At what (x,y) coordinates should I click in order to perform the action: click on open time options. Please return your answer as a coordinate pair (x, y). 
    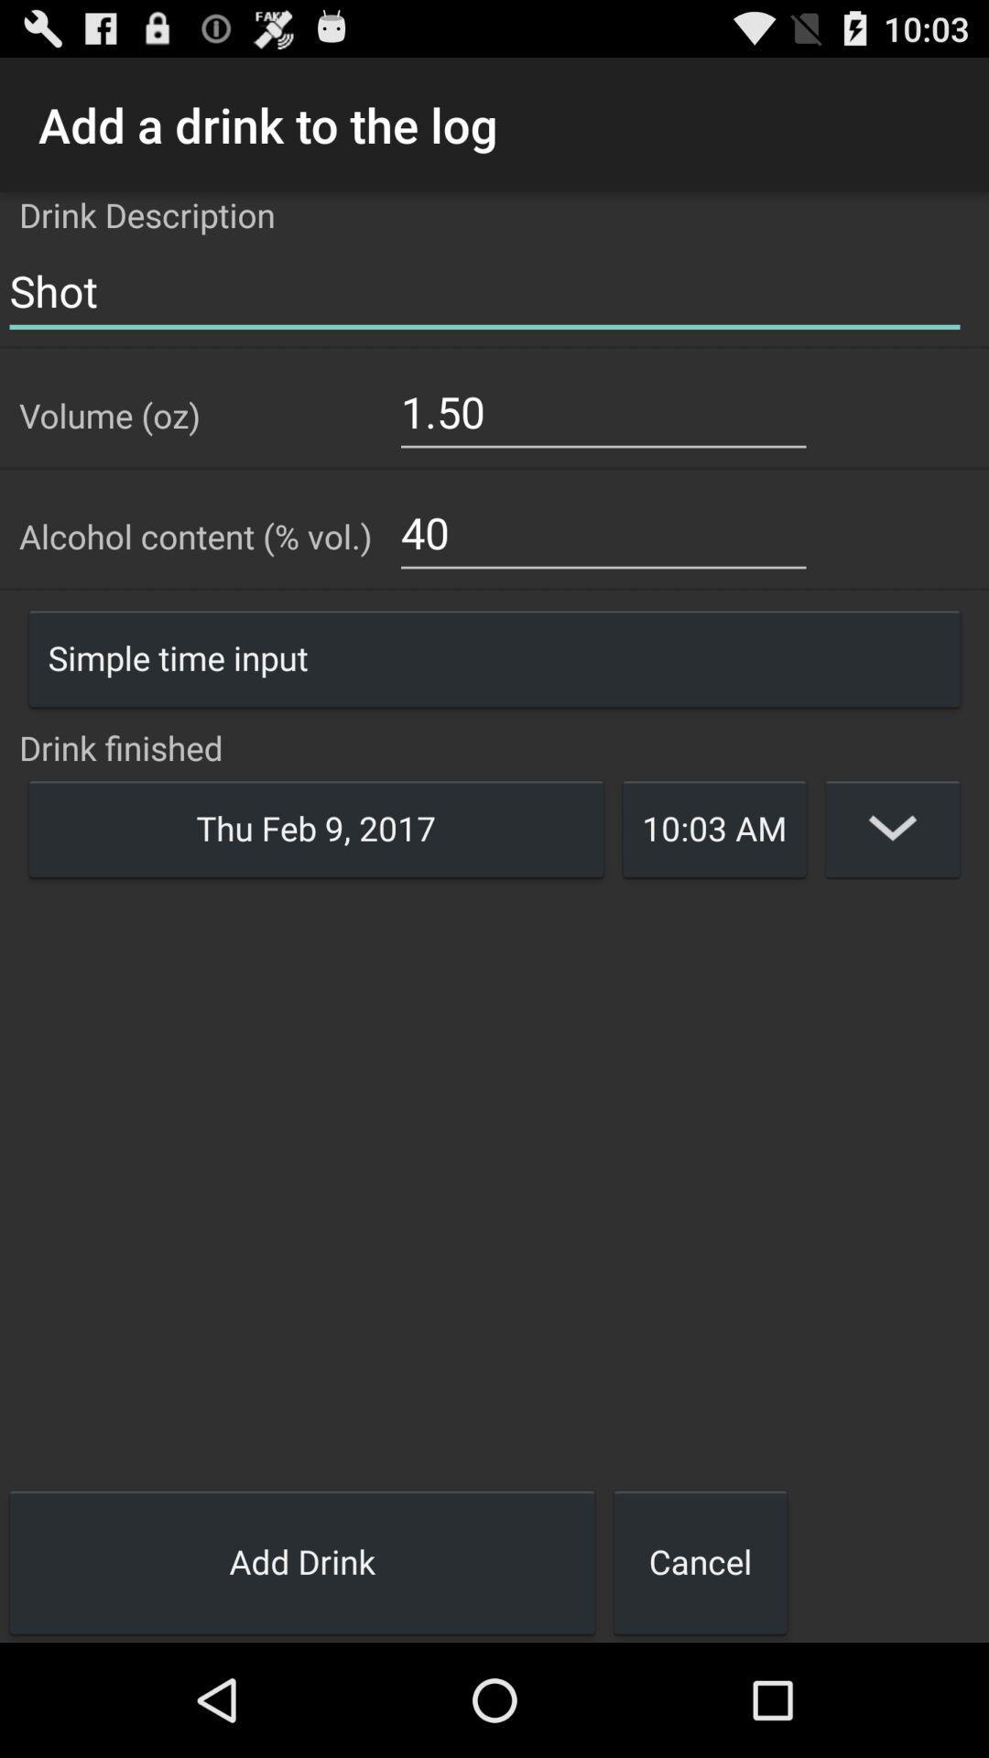
    Looking at the image, I should click on (892, 827).